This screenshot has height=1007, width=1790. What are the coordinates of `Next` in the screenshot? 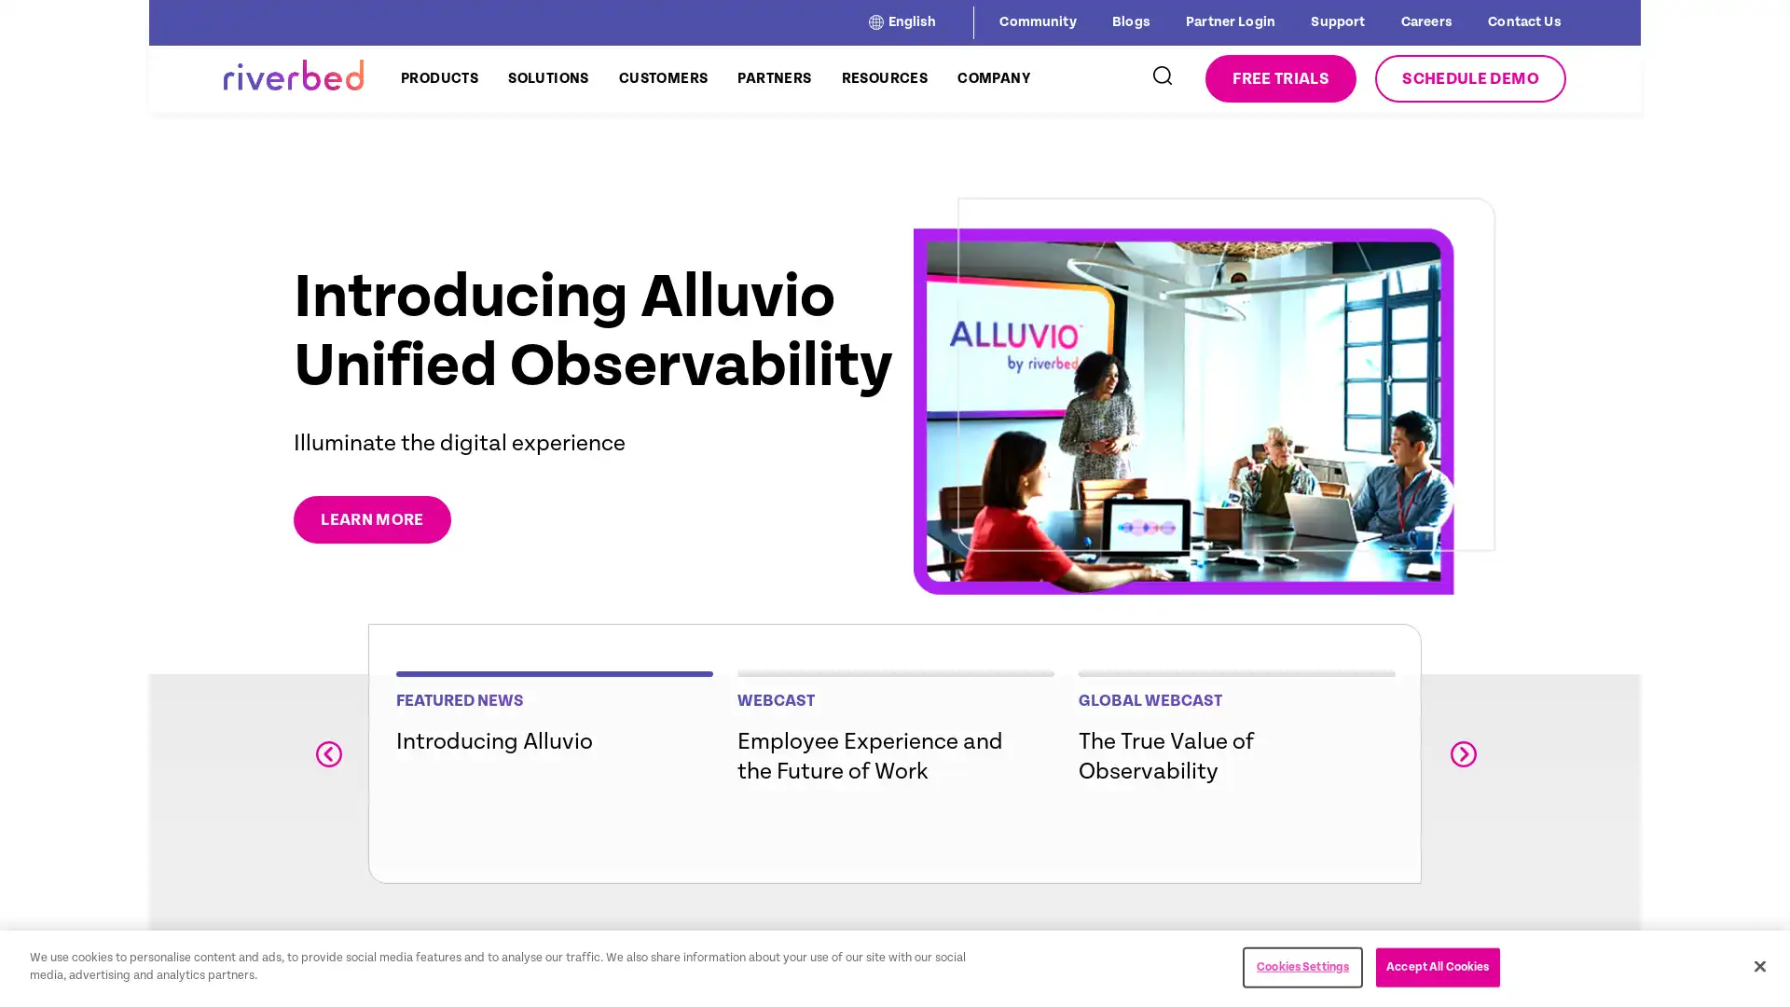 It's located at (1462, 752).